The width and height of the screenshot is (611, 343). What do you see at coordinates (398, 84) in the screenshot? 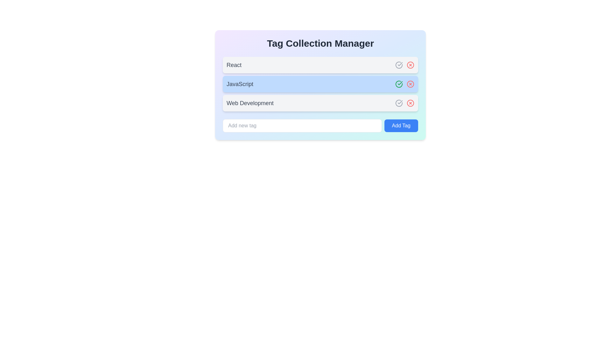
I see `the confirmation icon located next to the 'JavaScript' tag in the middle row of the vertical list of tags` at bounding box center [398, 84].